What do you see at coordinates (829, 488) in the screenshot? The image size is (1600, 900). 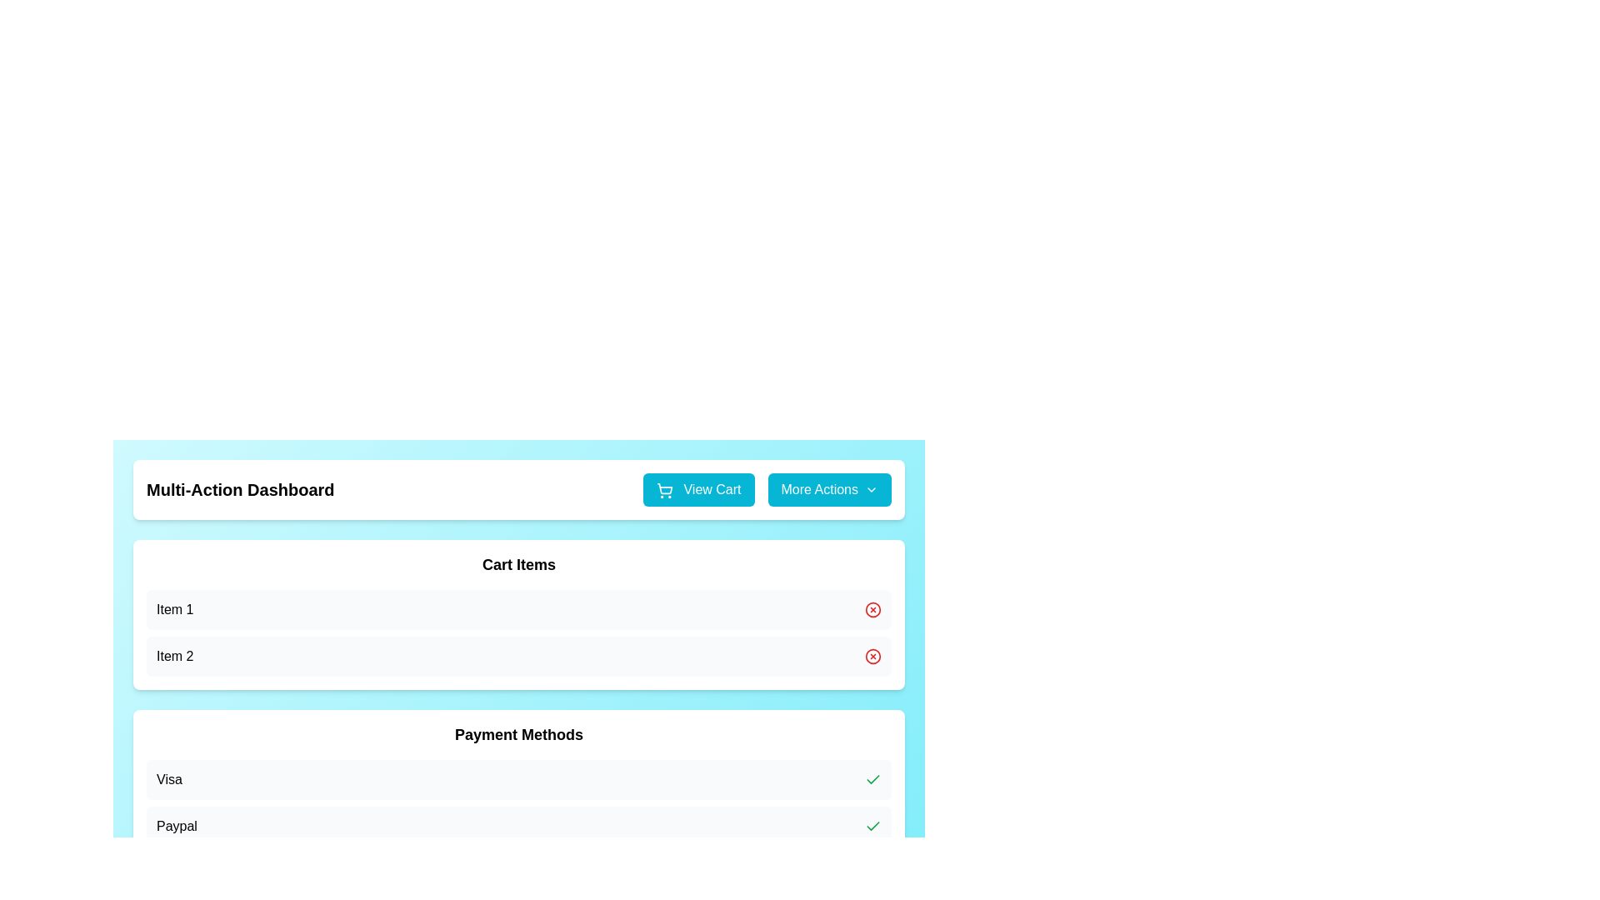 I see `the button with an expandable dropdown menu located to the right of the 'View Cart' button` at bounding box center [829, 488].